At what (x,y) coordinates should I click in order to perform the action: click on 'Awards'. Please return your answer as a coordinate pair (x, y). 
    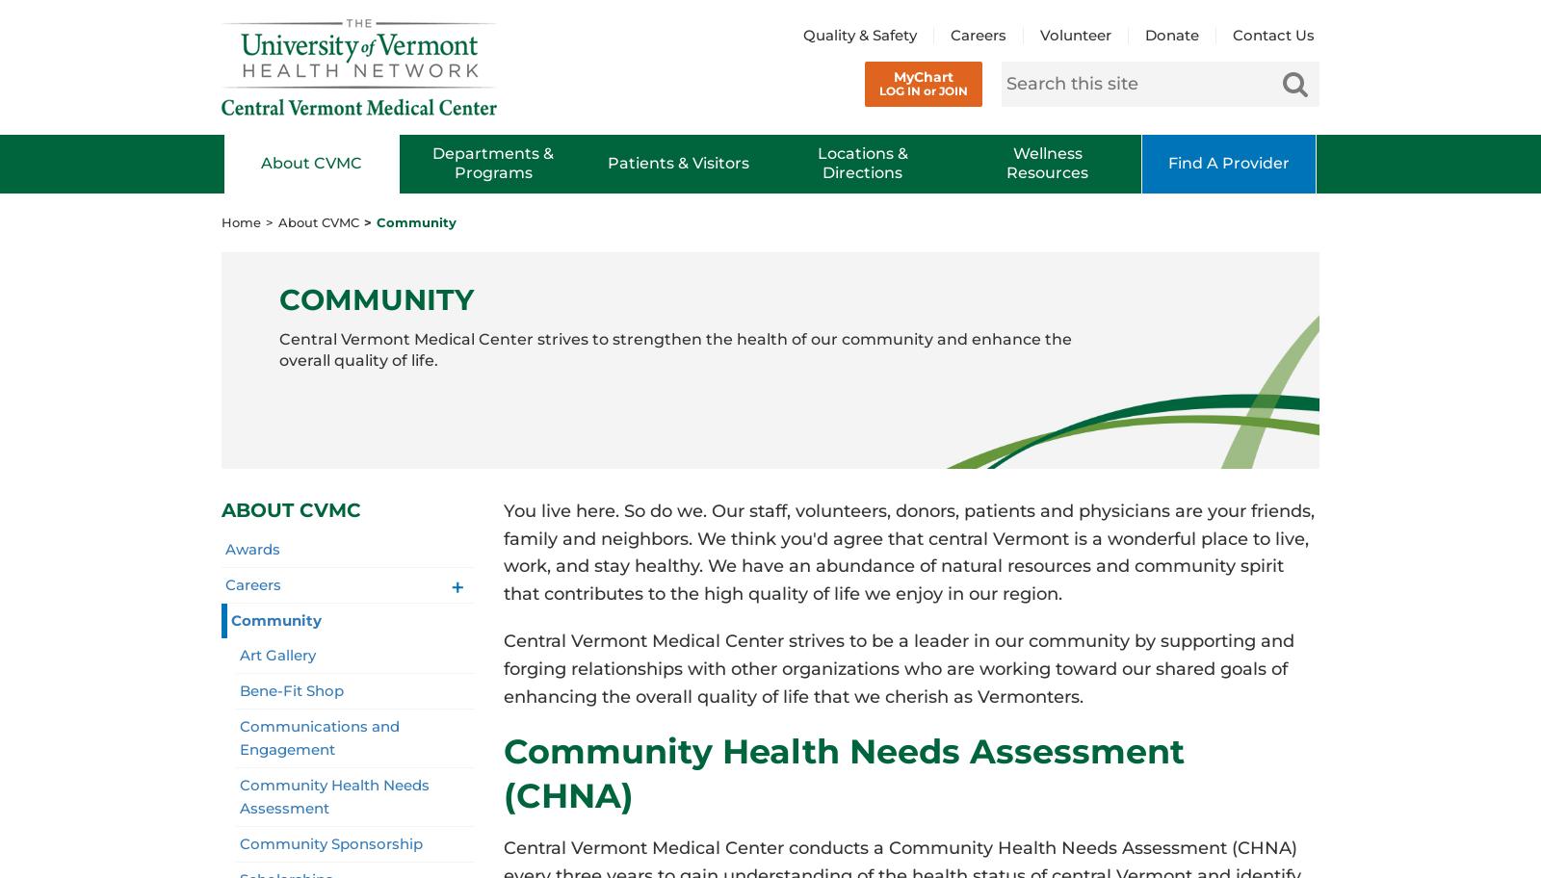
    Looking at the image, I should click on (252, 548).